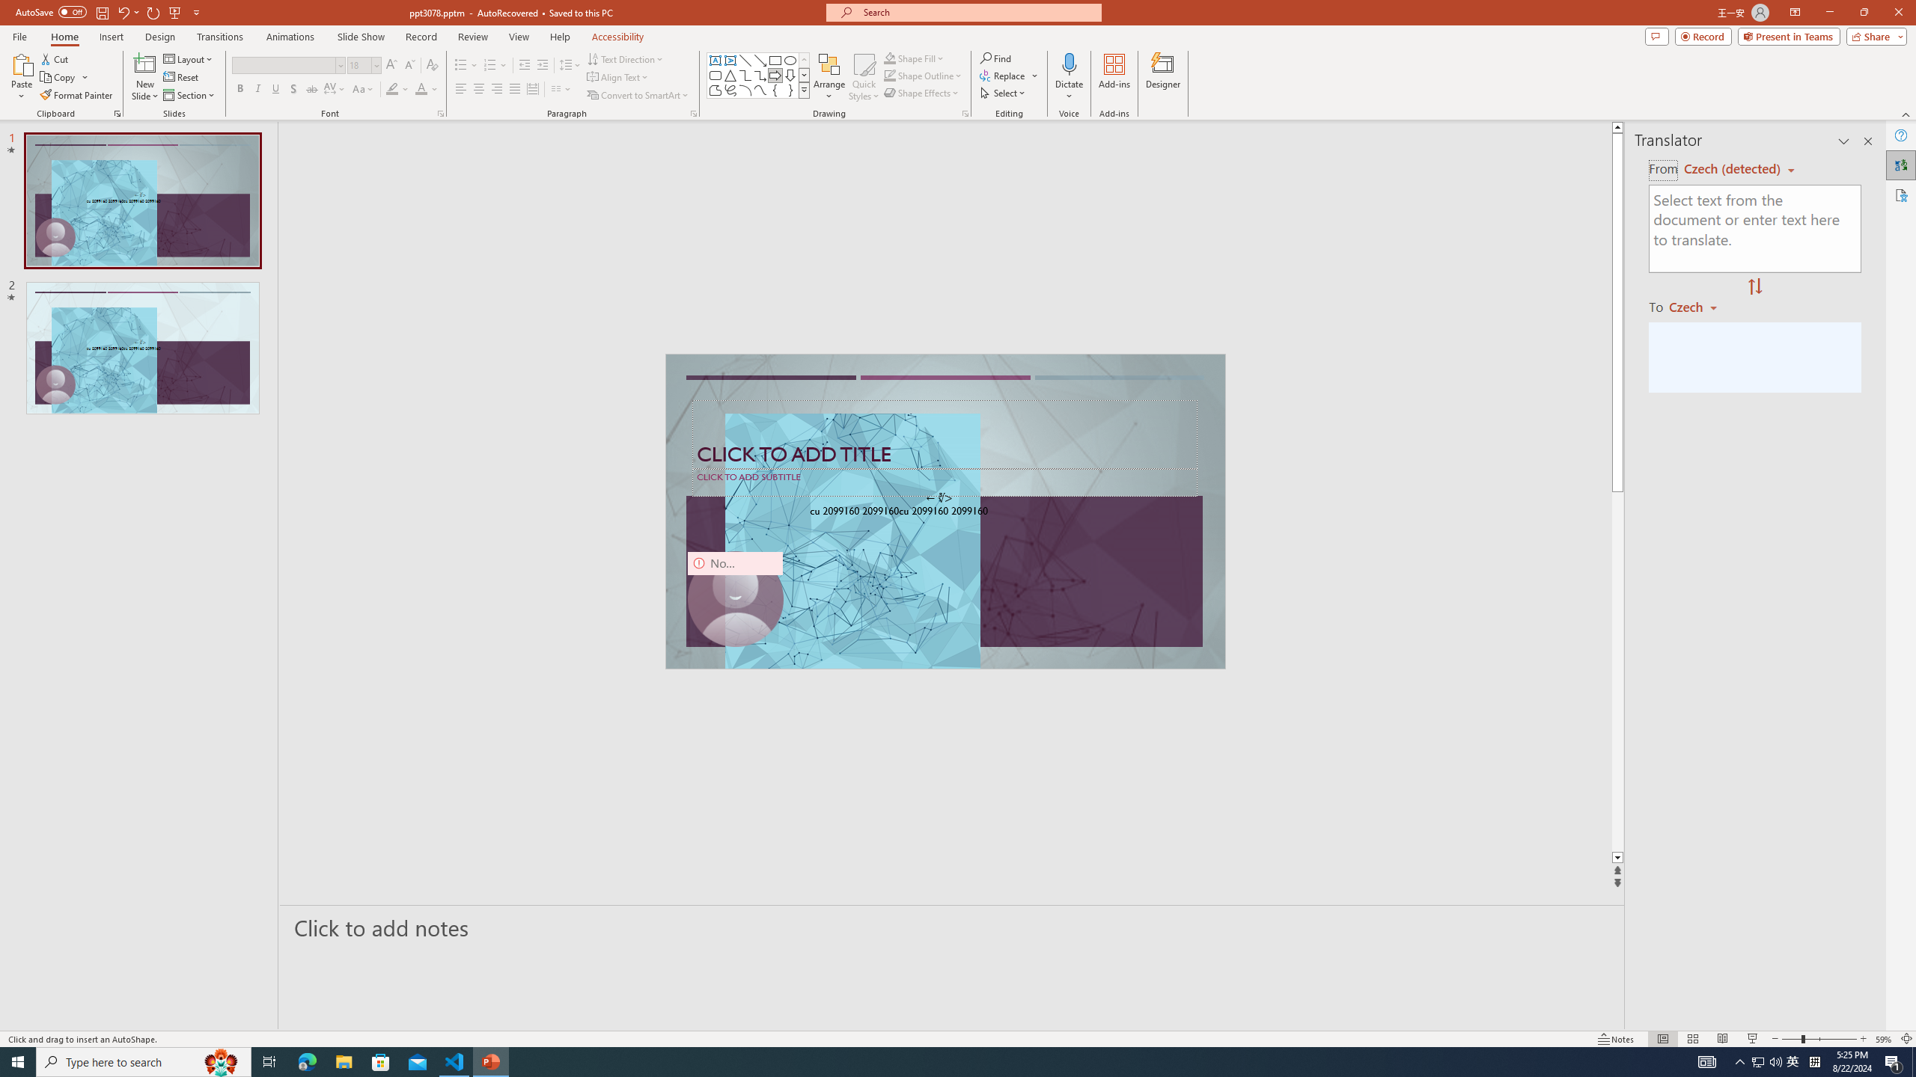 The height and width of the screenshot is (1077, 1916). I want to click on 'TextBox 7', so click(939, 498).